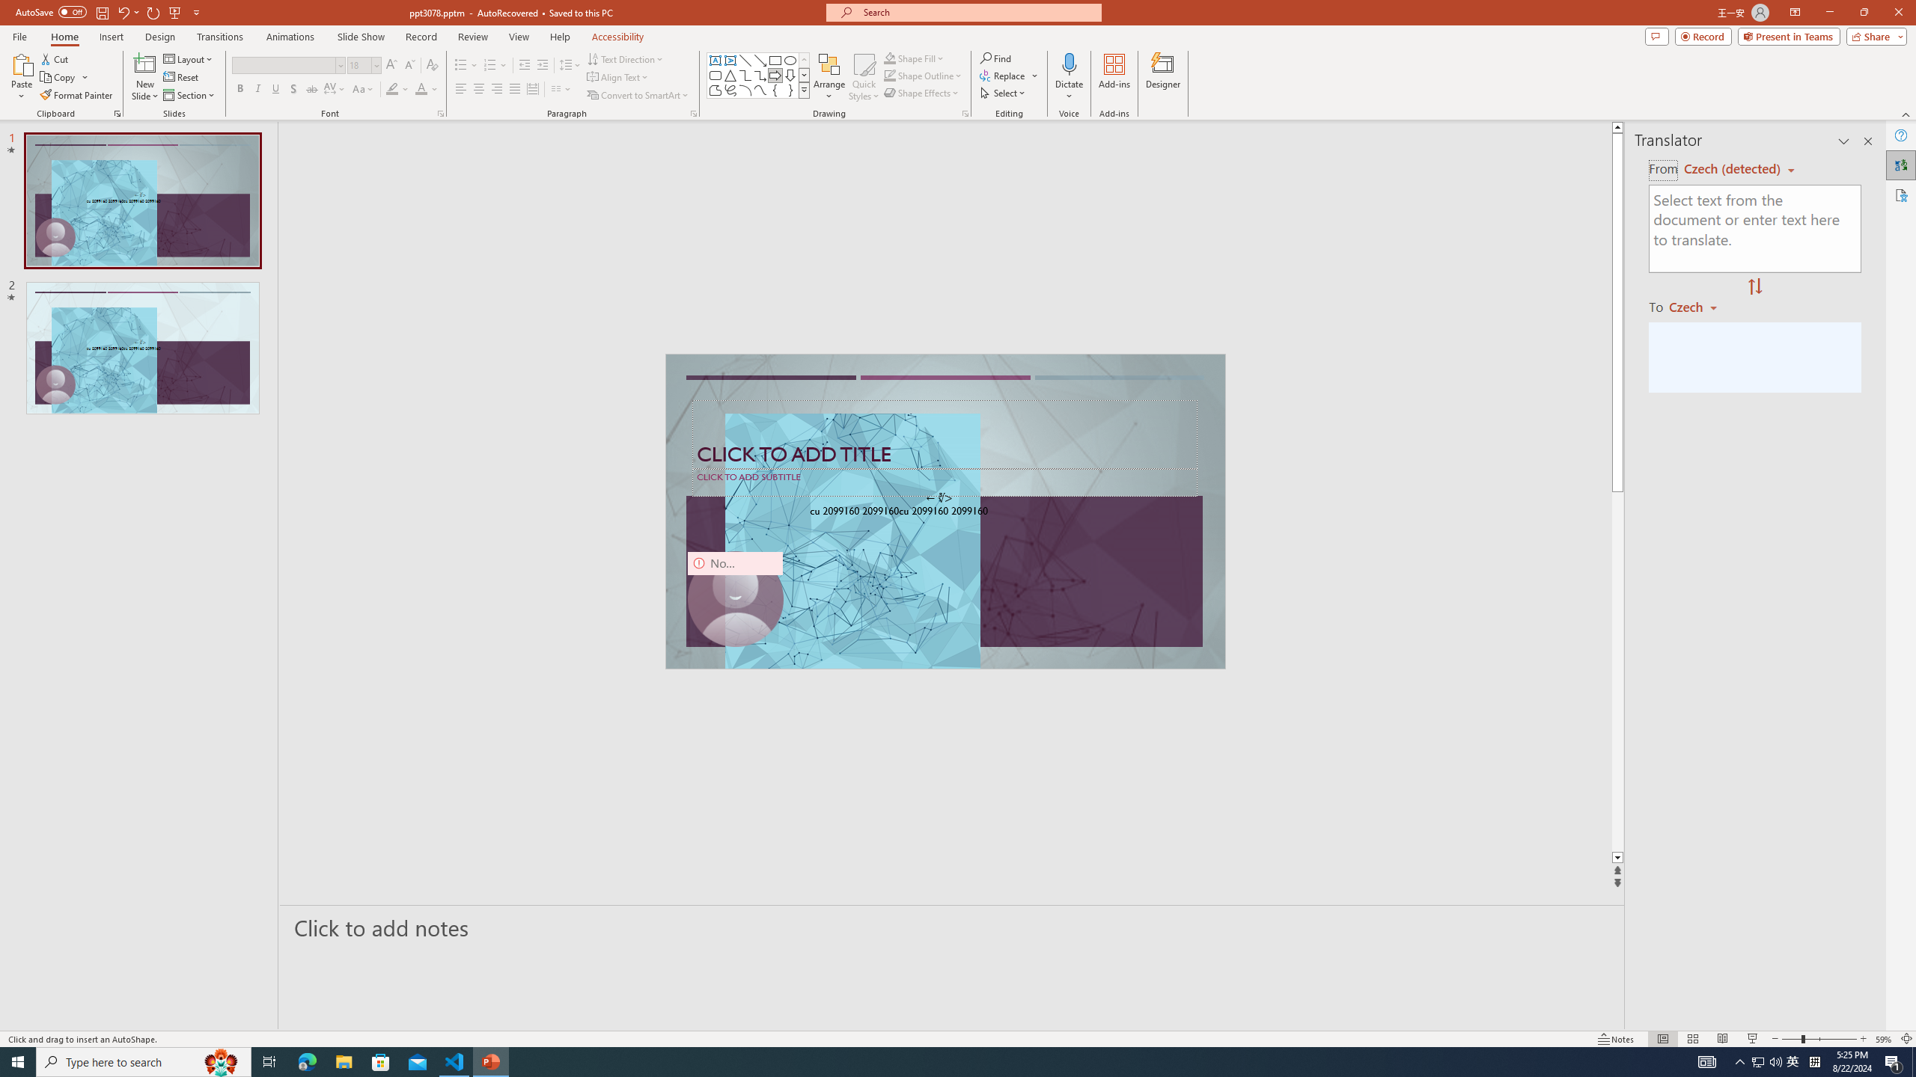 The height and width of the screenshot is (1077, 1916). I want to click on 'TextBox 7', so click(939, 498).